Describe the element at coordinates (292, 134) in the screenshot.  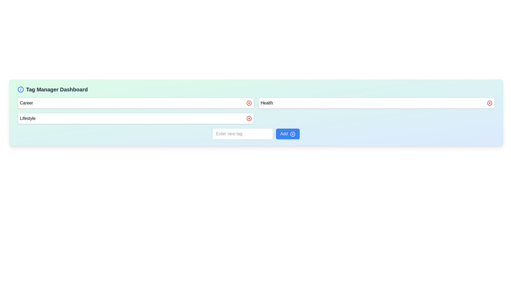
I see `the SVG Icon that signifies an action to add or create, located within the 'Add' button in the bottom right of the interface` at that location.